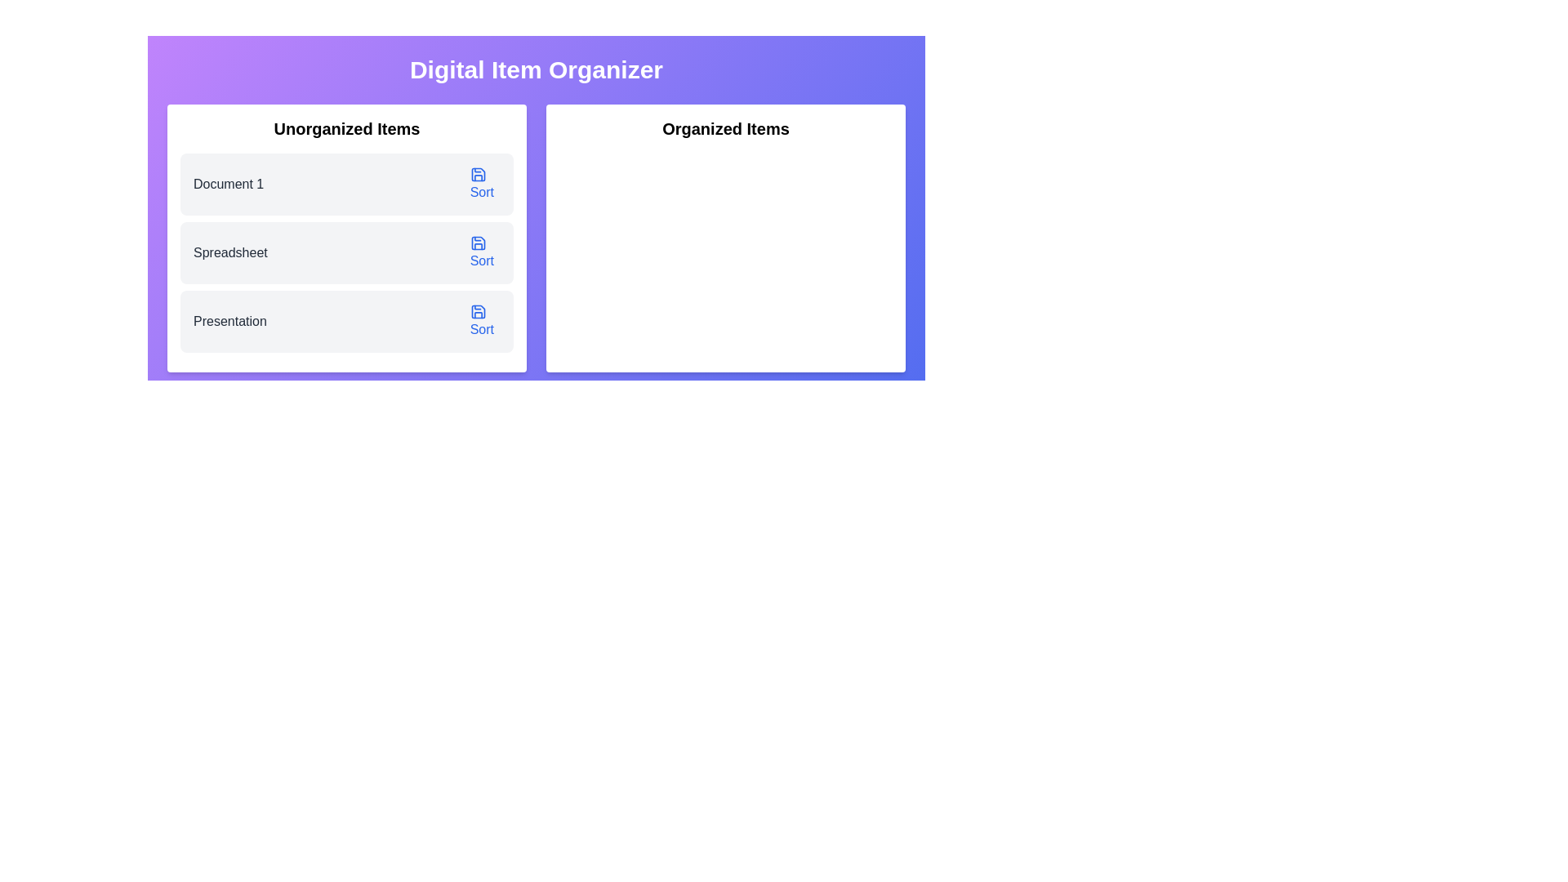 The height and width of the screenshot is (882, 1568). What do you see at coordinates (724, 128) in the screenshot?
I see `the bold headline text label 'Organized Items' located at the top of the right half of the interface` at bounding box center [724, 128].